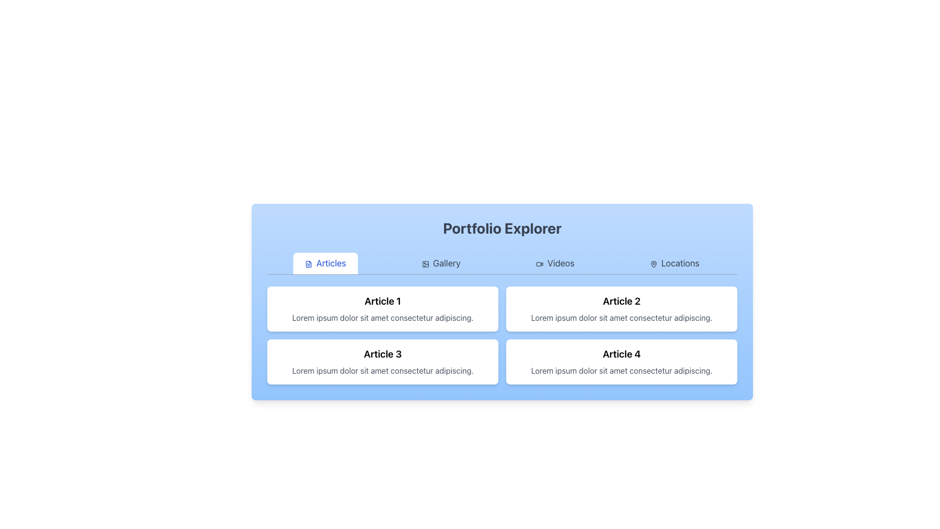 This screenshot has width=940, height=529. I want to click on the 'Gallery' icon located next to the 'Articles' and 'Videos' tabs, so click(425, 264).